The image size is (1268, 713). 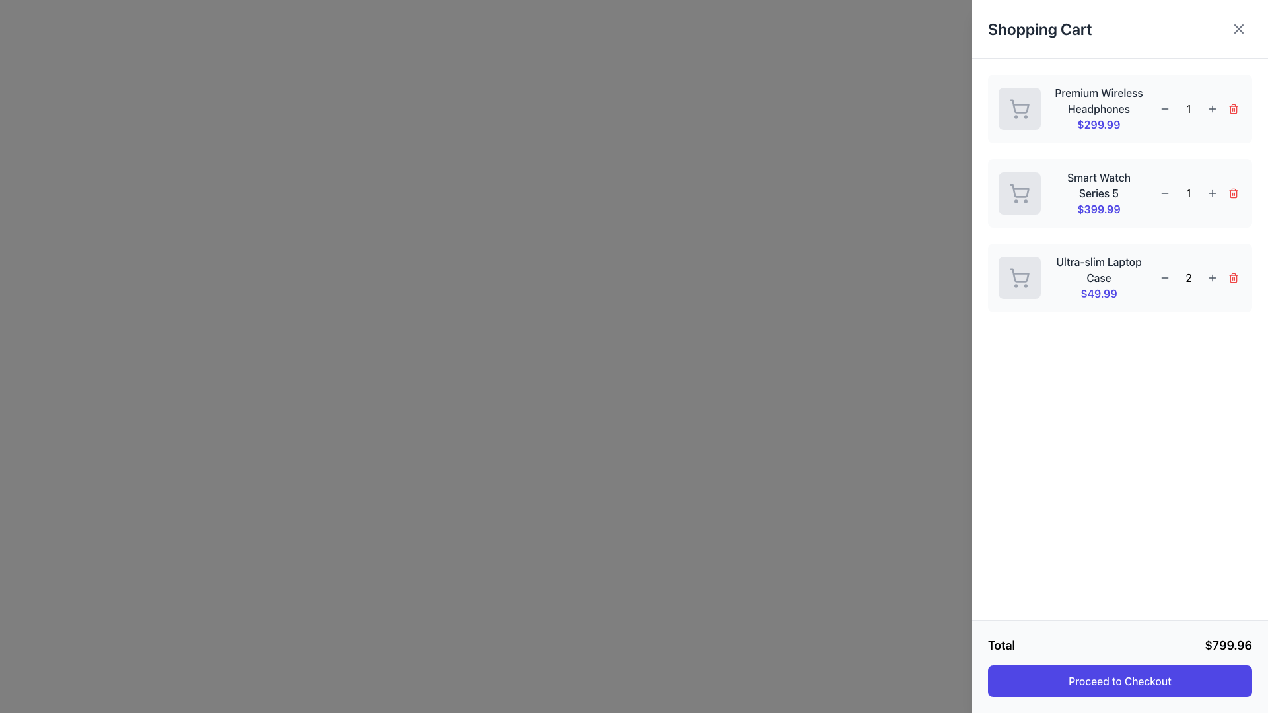 What do you see at coordinates (1019, 277) in the screenshot?
I see `the shopping cart icon associated with the 'Ultra-slim Laptop Case' product, located in the third item of the shopping cart list` at bounding box center [1019, 277].